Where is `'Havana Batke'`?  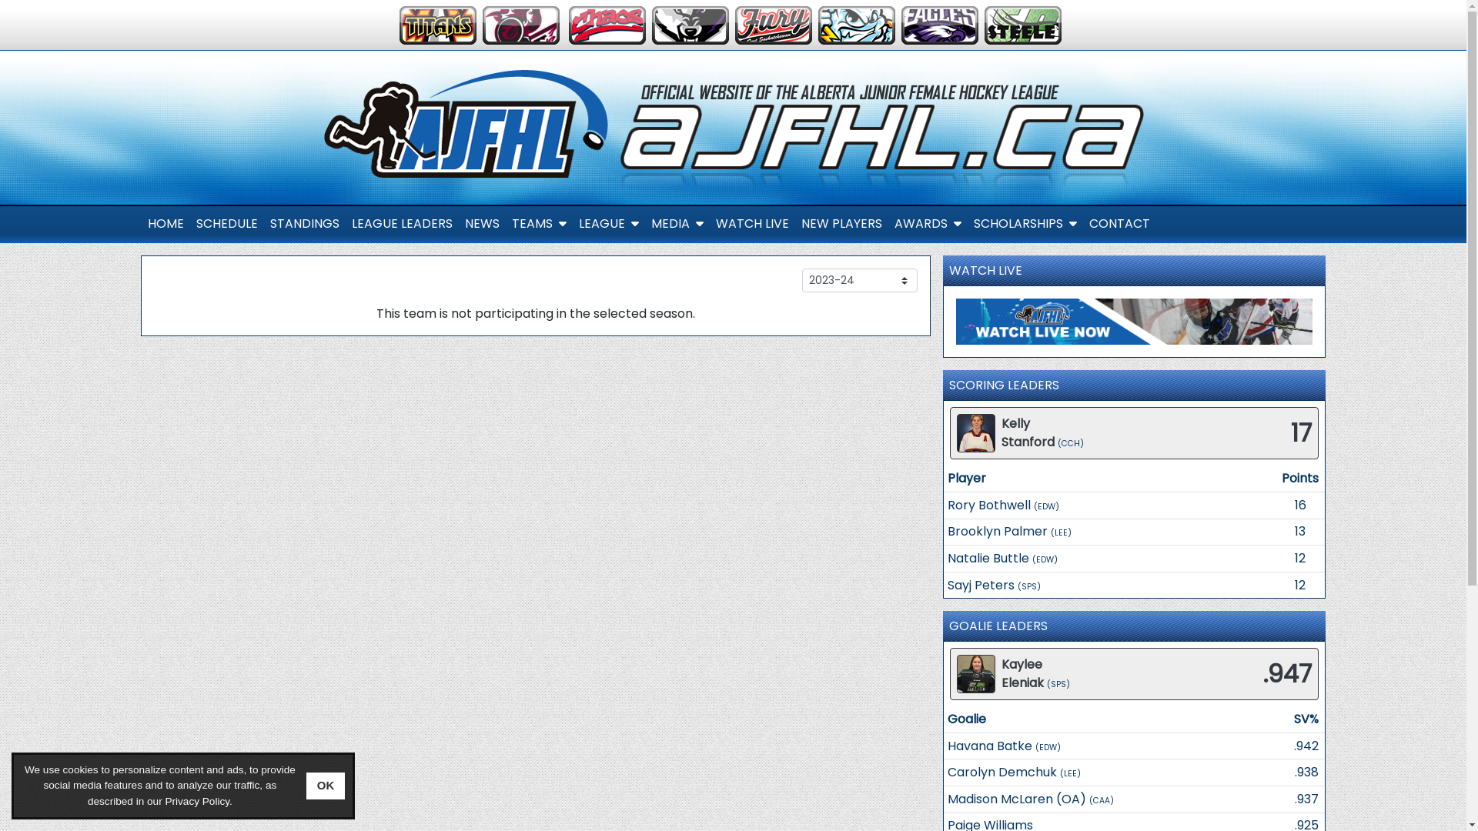 'Havana Batke' is located at coordinates (990, 745).